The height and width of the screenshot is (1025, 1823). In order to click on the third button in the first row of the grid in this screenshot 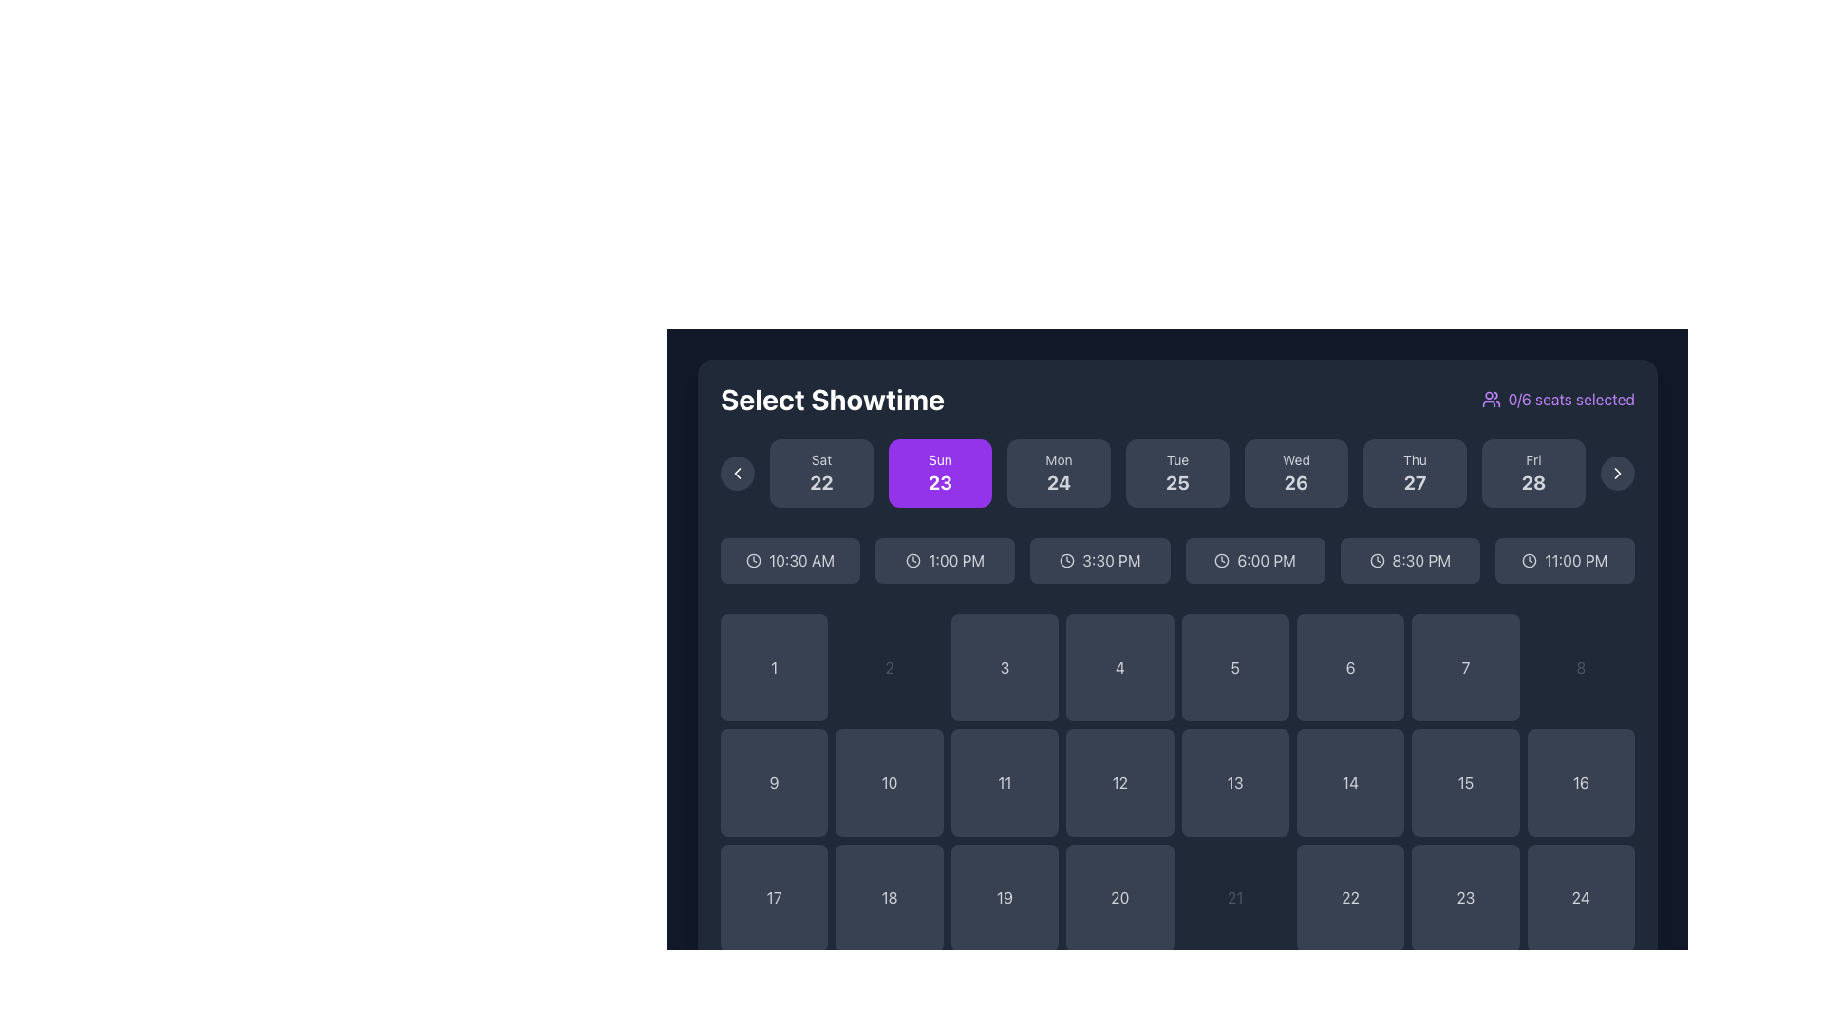, I will do `click(1004, 666)`.